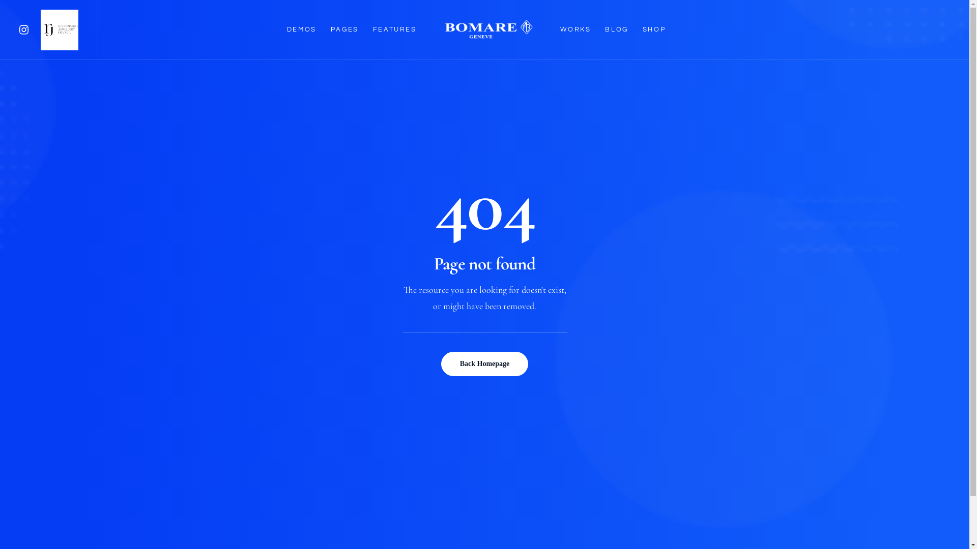 This screenshot has width=977, height=549. What do you see at coordinates (344, 29) in the screenshot?
I see `'PAGES'` at bounding box center [344, 29].